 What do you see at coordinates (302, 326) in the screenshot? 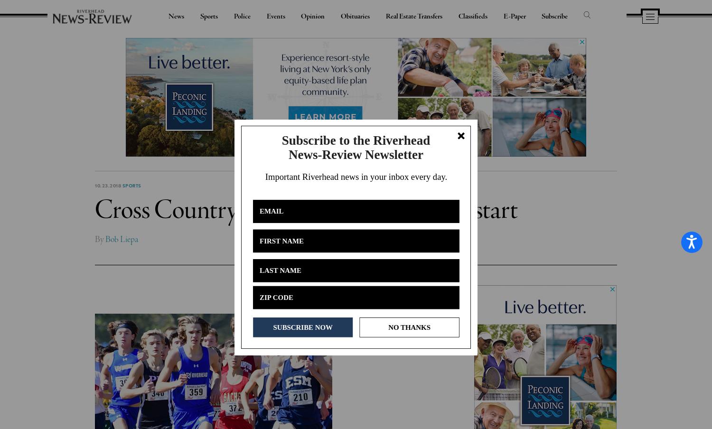
I see `'SUBSCRIBE NOW'` at bounding box center [302, 326].